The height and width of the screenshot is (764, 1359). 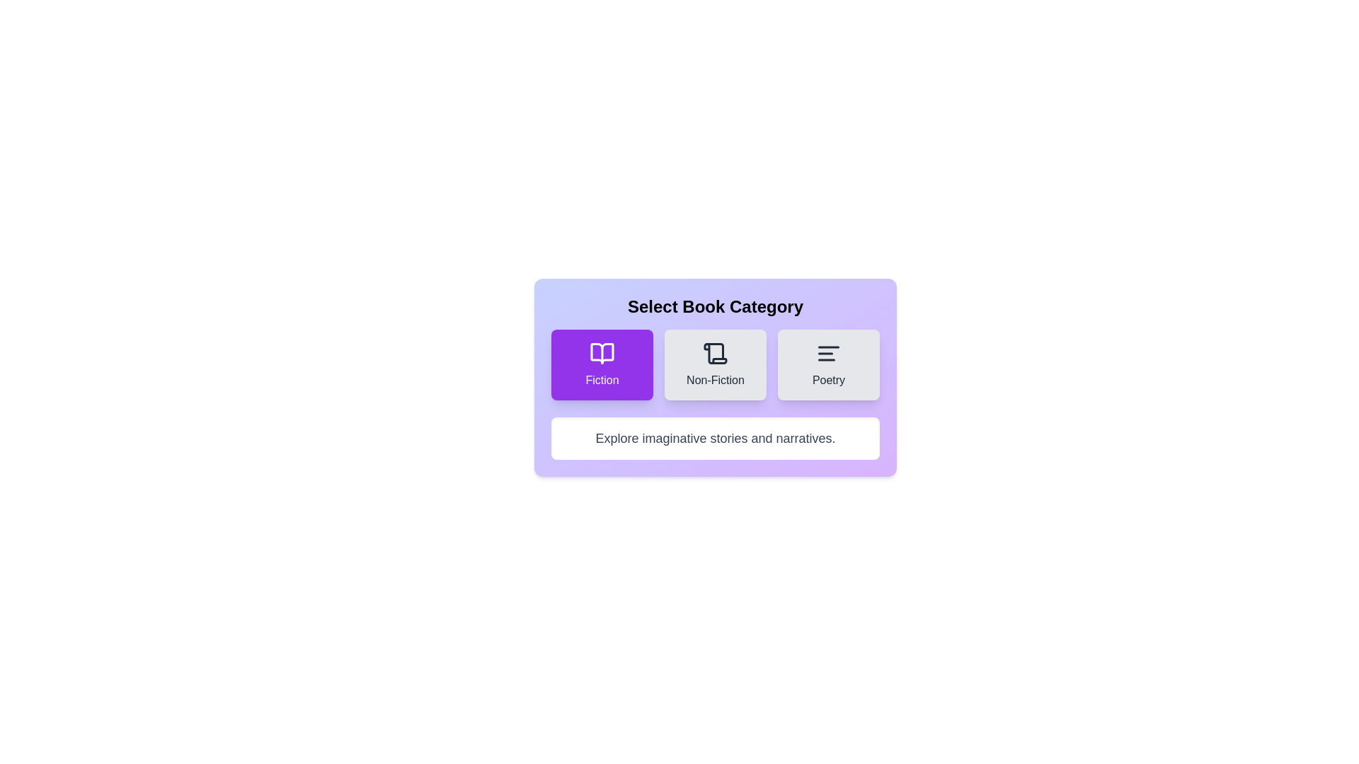 I want to click on the 'Non-Fiction' category button to select it, so click(x=716, y=364).